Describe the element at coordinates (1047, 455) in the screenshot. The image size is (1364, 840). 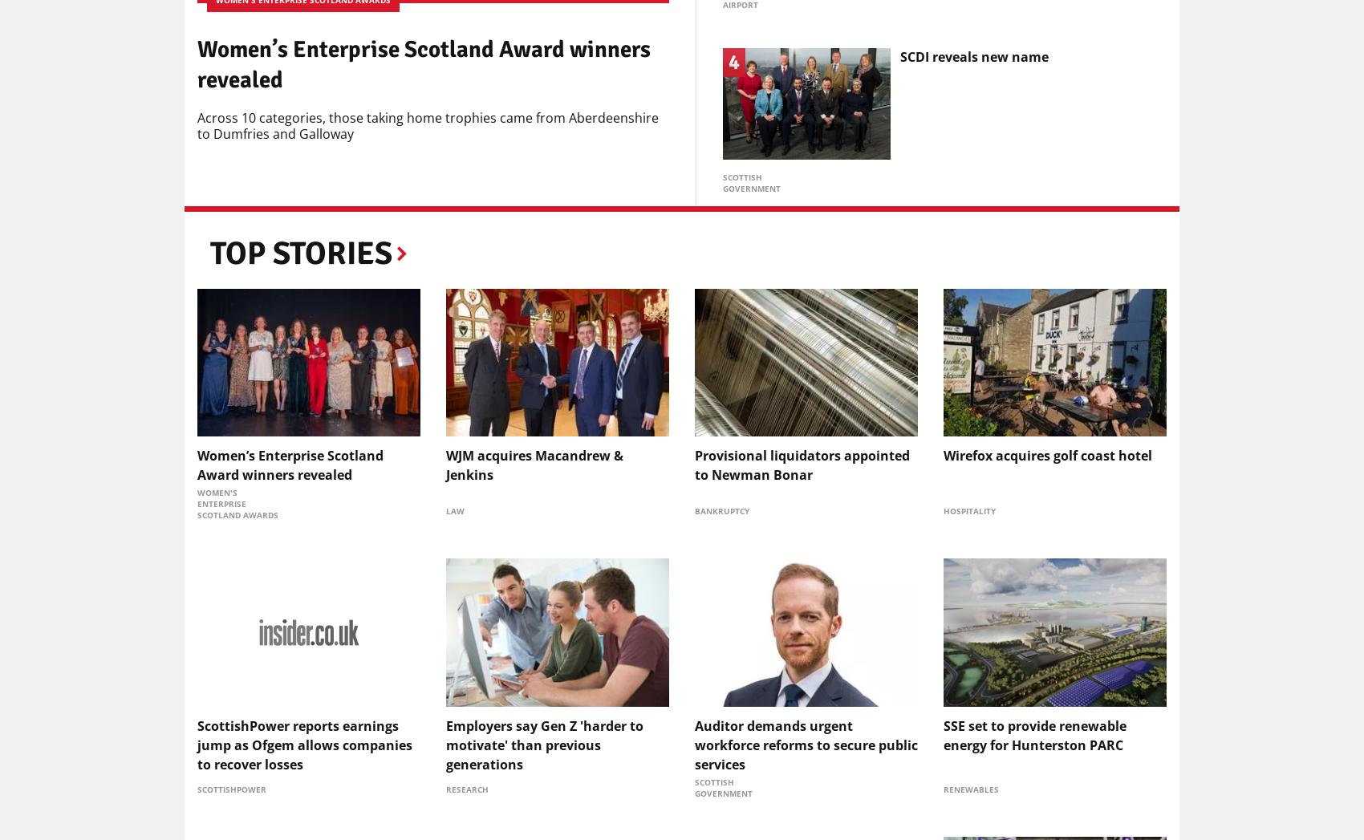
I see `'Wirefox acquires golf coast hotel'` at that location.